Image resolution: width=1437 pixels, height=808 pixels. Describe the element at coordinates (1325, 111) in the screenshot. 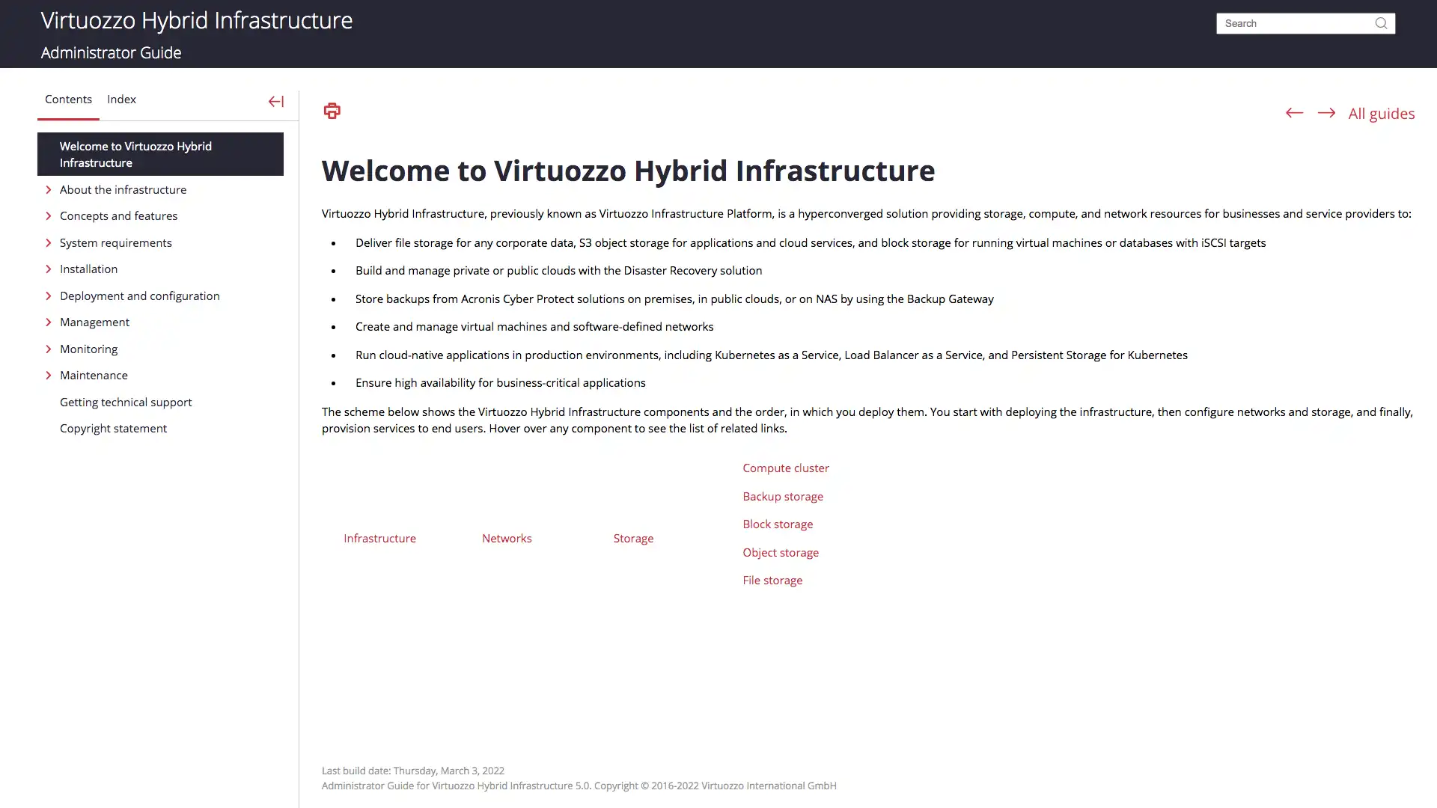

I see `Navigate next` at that location.